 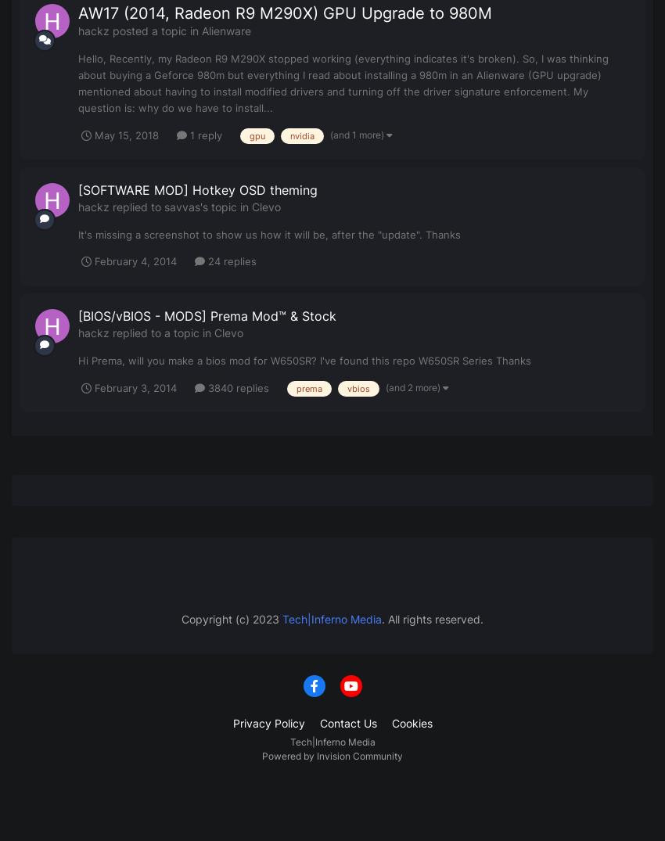 I want to click on 'replied to a topic in', so click(x=109, y=331).